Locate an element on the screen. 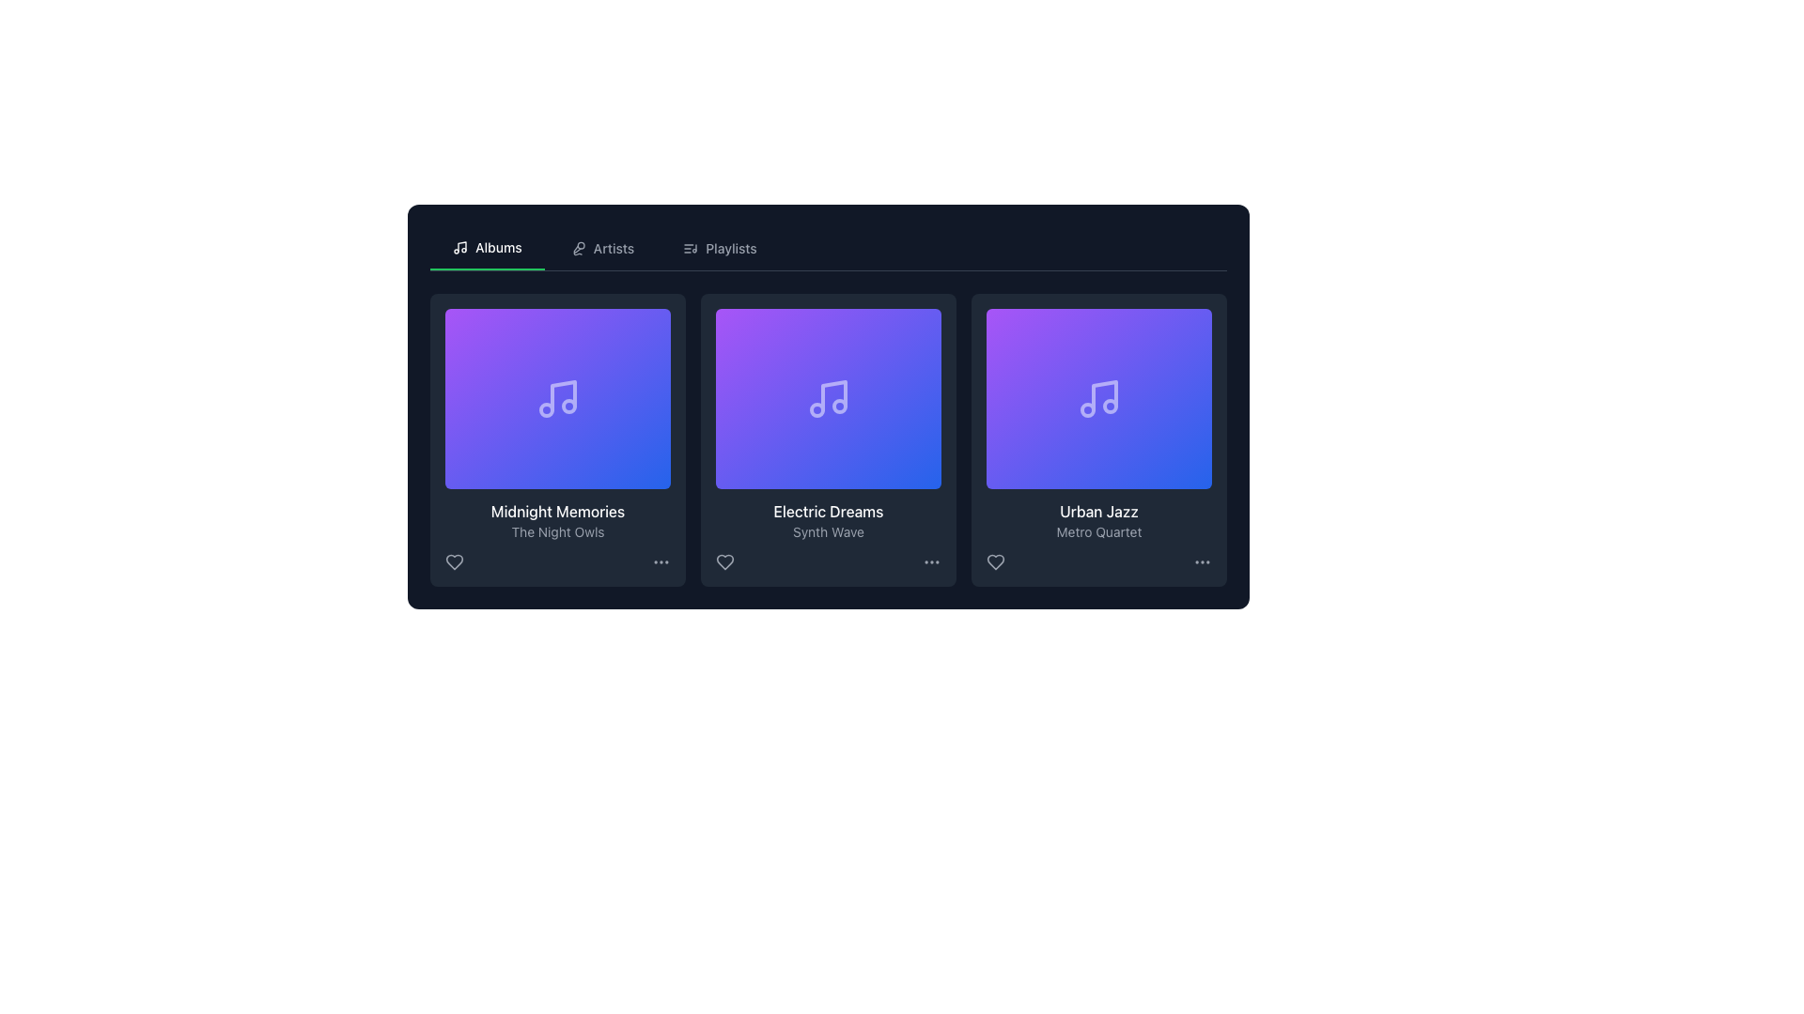  the playlist icon located in the navigation area, specifically to the left of the 'Playlists' text tab is located at coordinates (690, 248).